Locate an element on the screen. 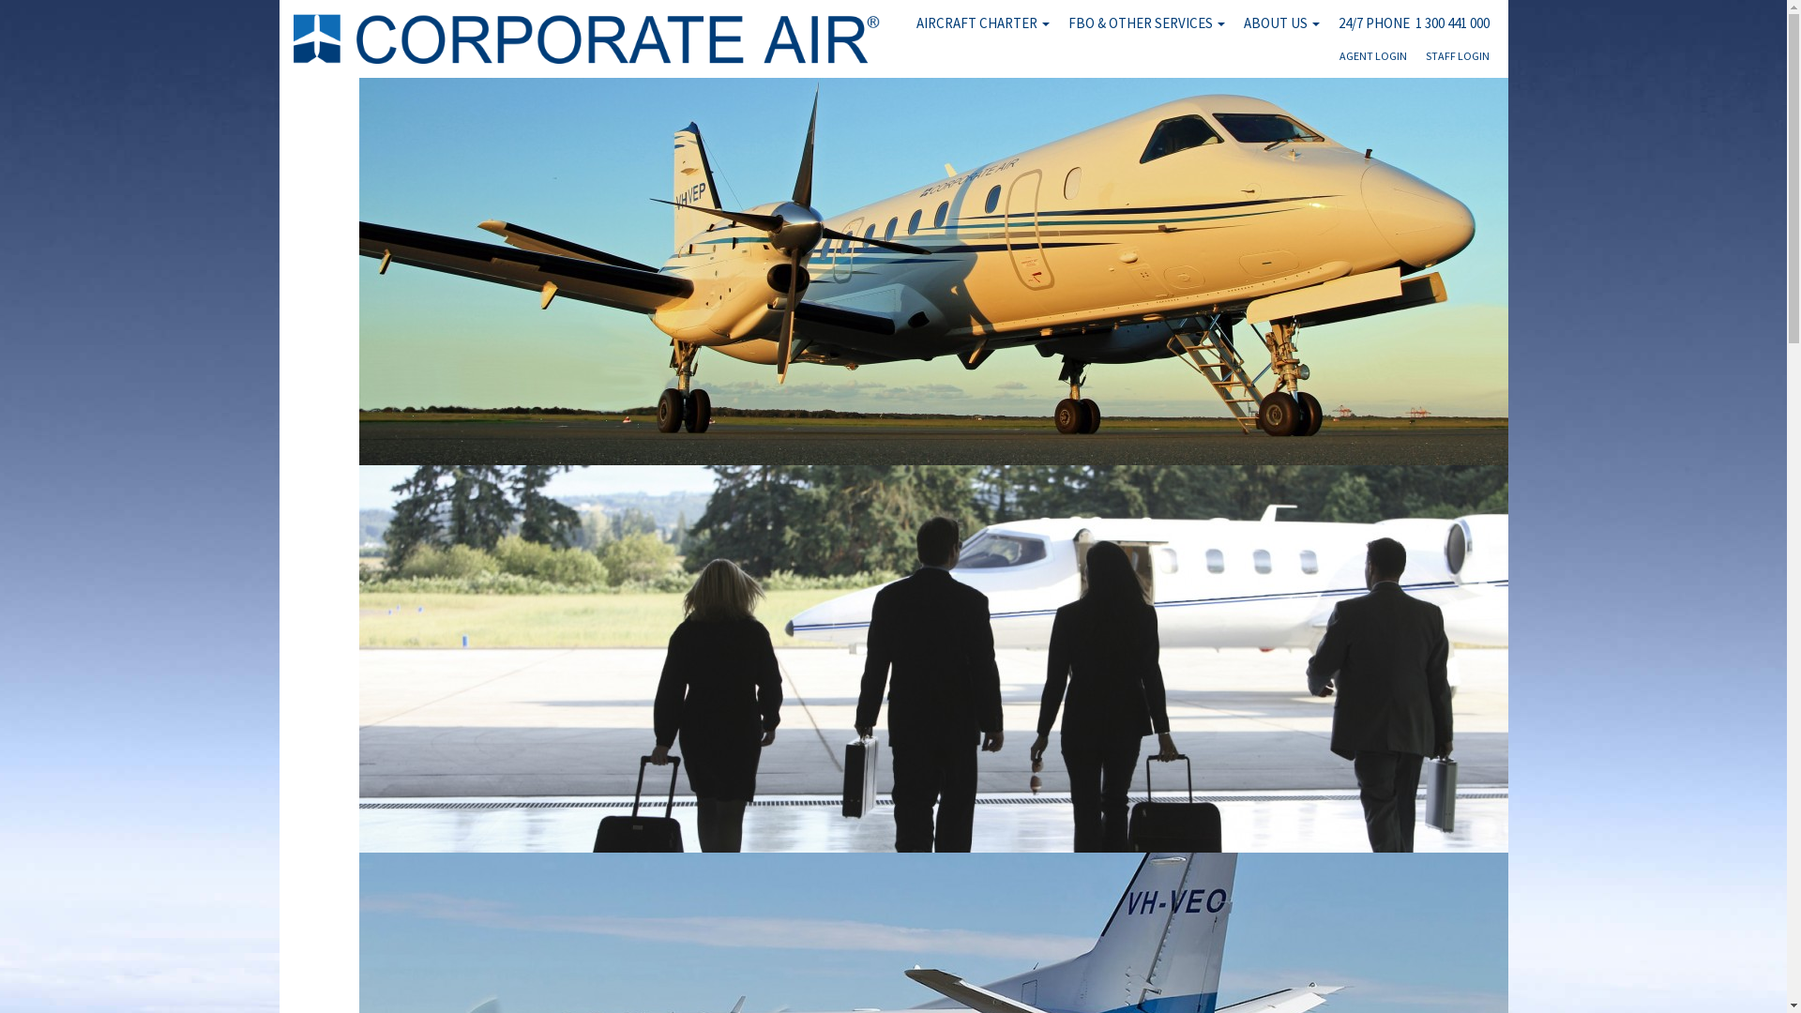  'ABOUT US' is located at coordinates (1280, 23).